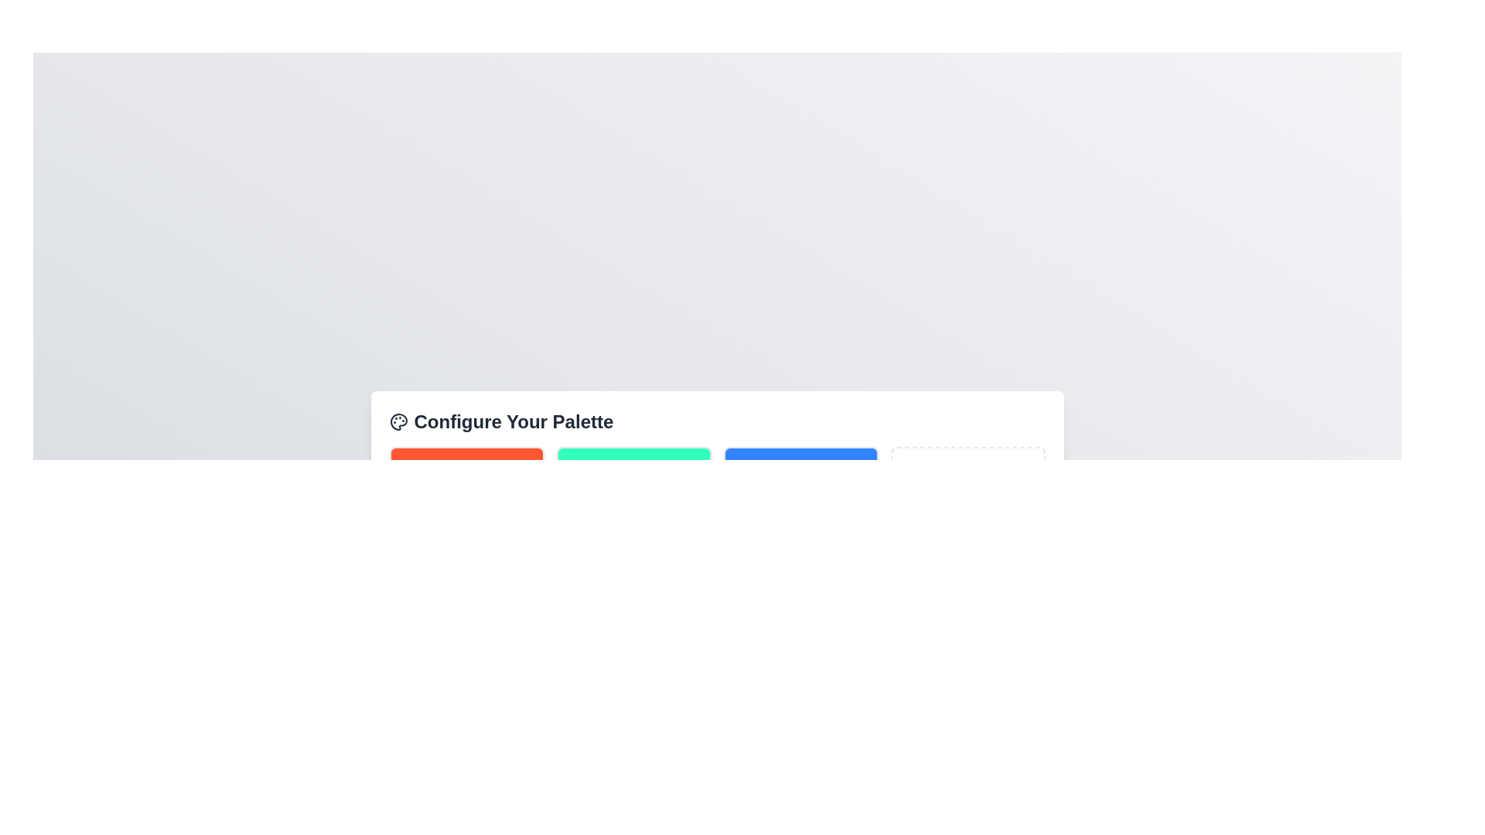  What do you see at coordinates (801, 470) in the screenshot?
I see `the third button in the palette configuration UI` at bounding box center [801, 470].